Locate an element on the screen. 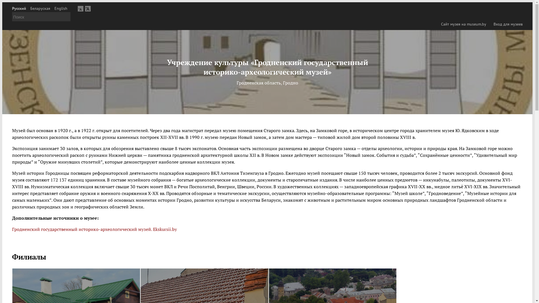 This screenshot has width=539, height=303. 'English' is located at coordinates (61, 8).